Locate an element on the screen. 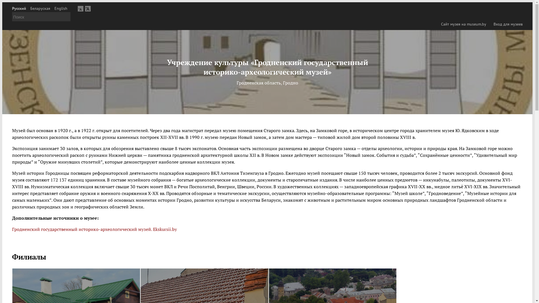 This screenshot has width=539, height=303. 'English' is located at coordinates (61, 8).